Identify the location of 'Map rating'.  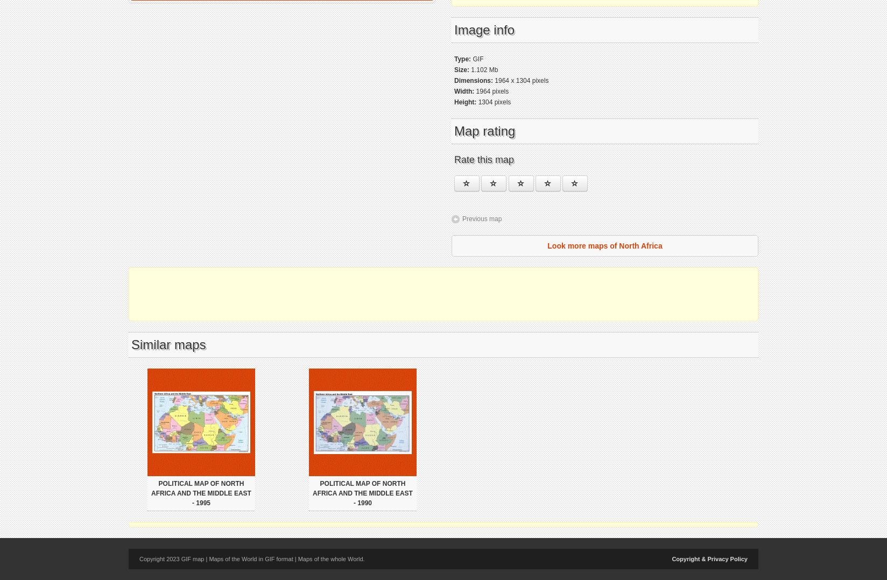
(484, 130).